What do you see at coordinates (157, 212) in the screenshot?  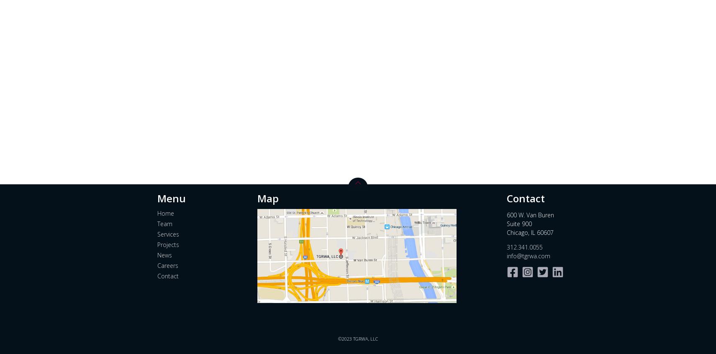 I see `'Home'` at bounding box center [157, 212].